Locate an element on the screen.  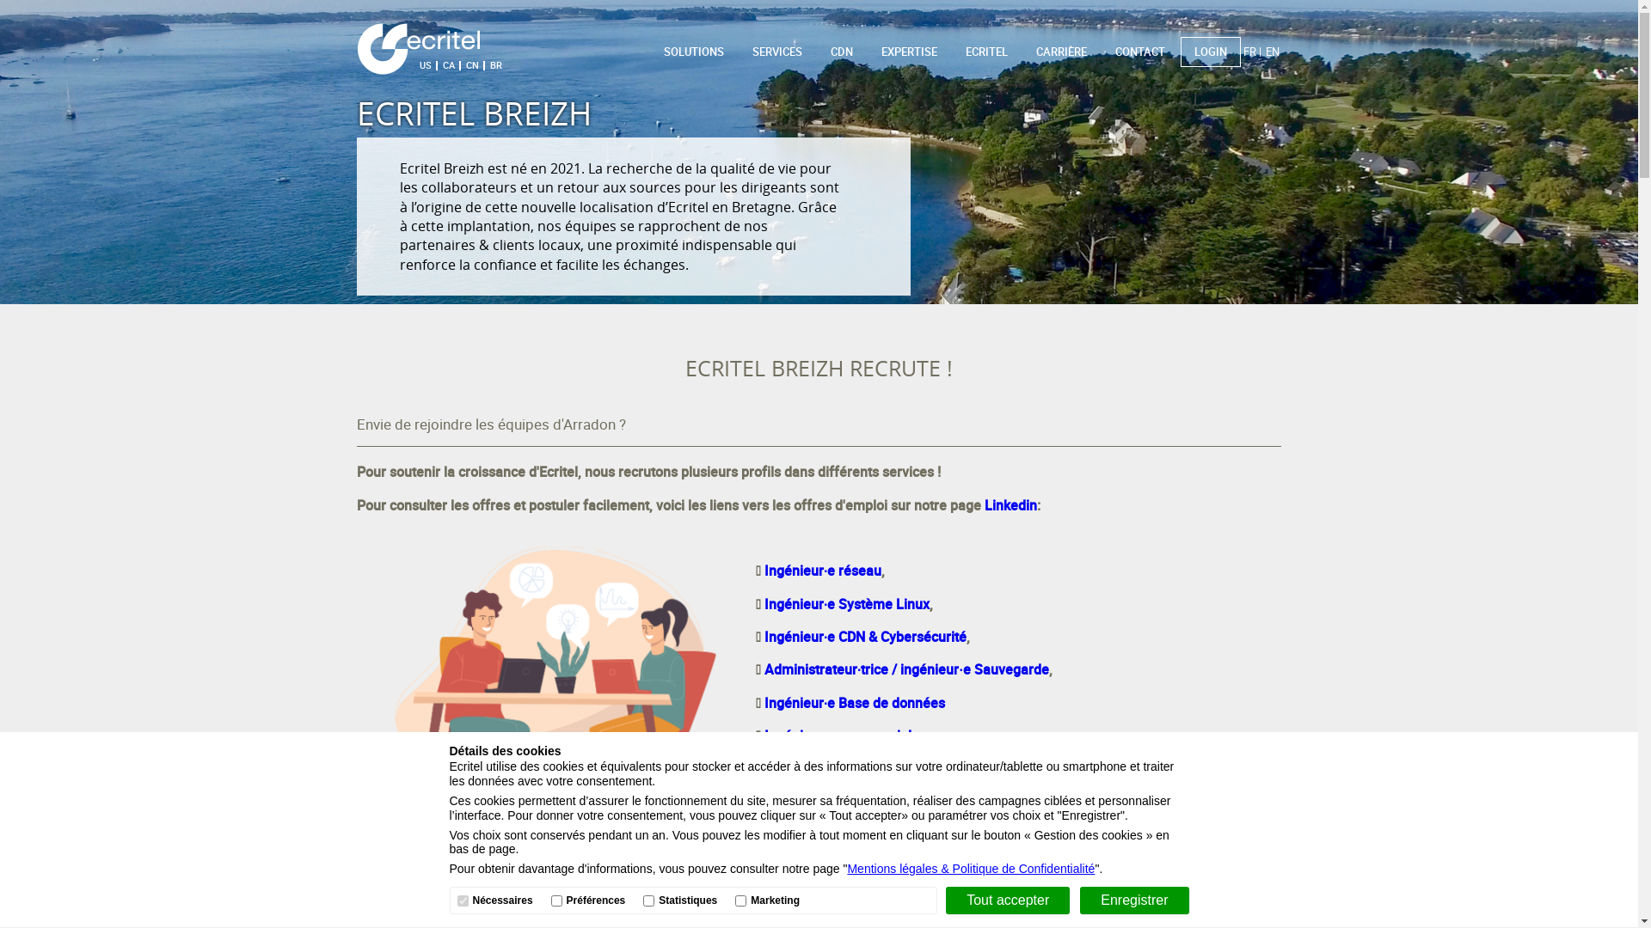
'EXPERTISE' is located at coordinates (908, 52).